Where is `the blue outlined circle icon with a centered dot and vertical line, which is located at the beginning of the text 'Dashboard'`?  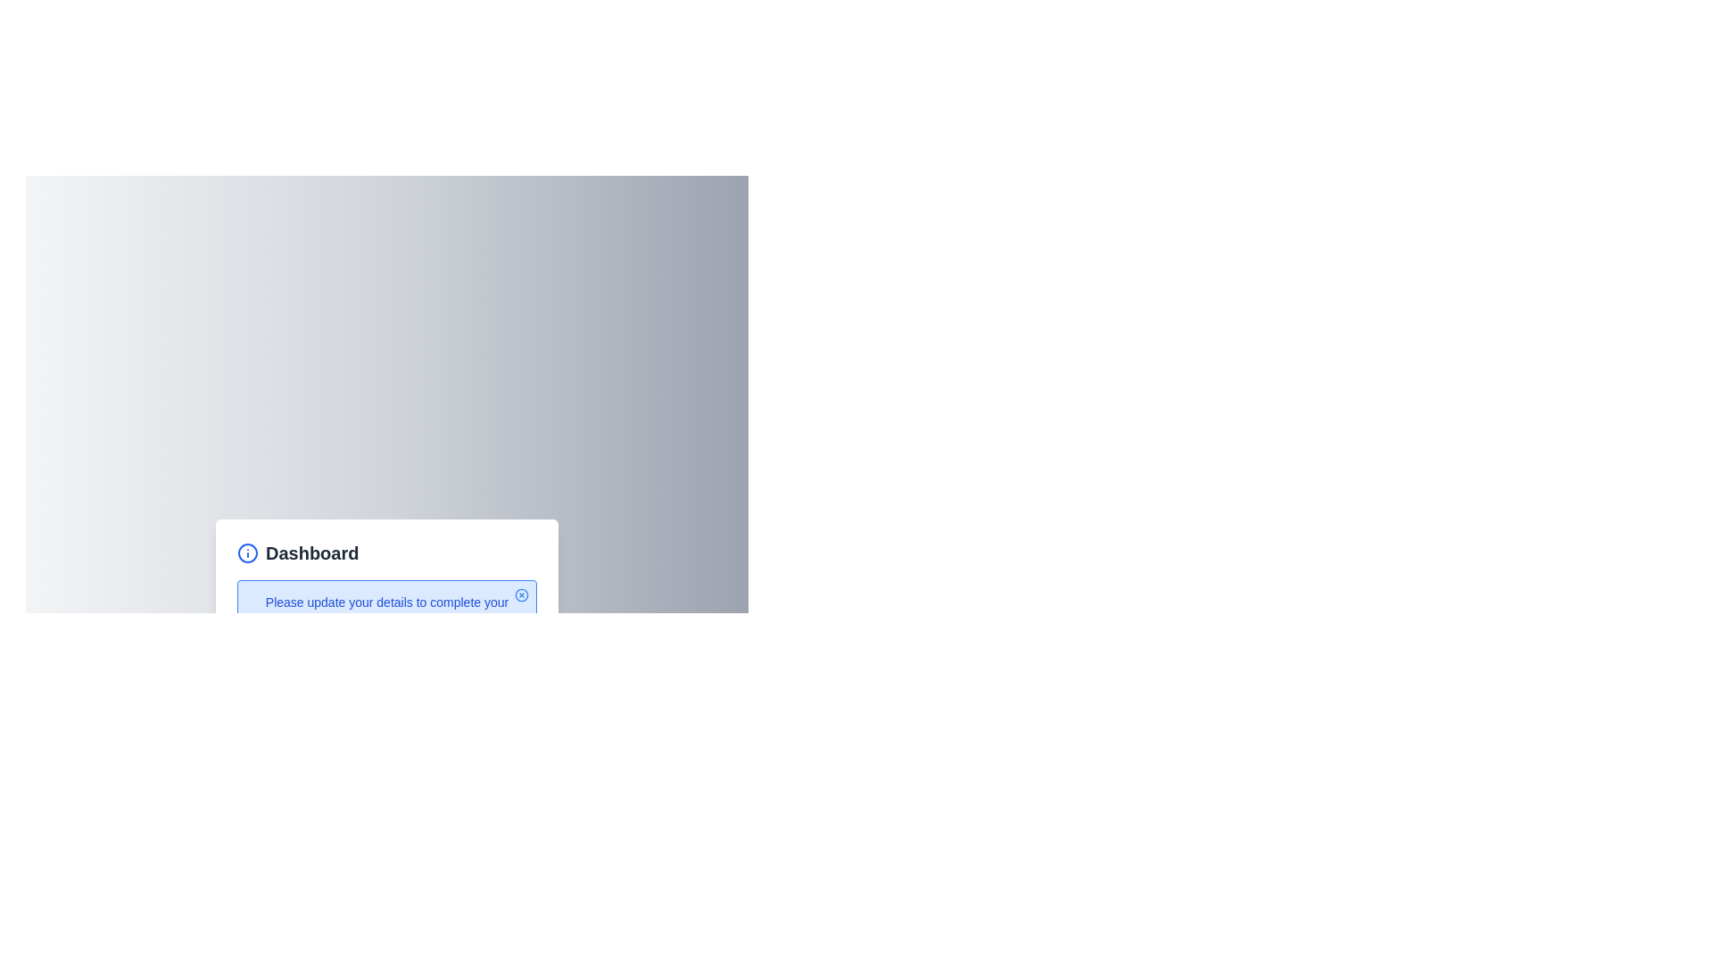 the blue outlined circle icon with a centered dot and vertical line, which is located at the beginning of the text 'Dashboard' is located at coordinates (247, 553).